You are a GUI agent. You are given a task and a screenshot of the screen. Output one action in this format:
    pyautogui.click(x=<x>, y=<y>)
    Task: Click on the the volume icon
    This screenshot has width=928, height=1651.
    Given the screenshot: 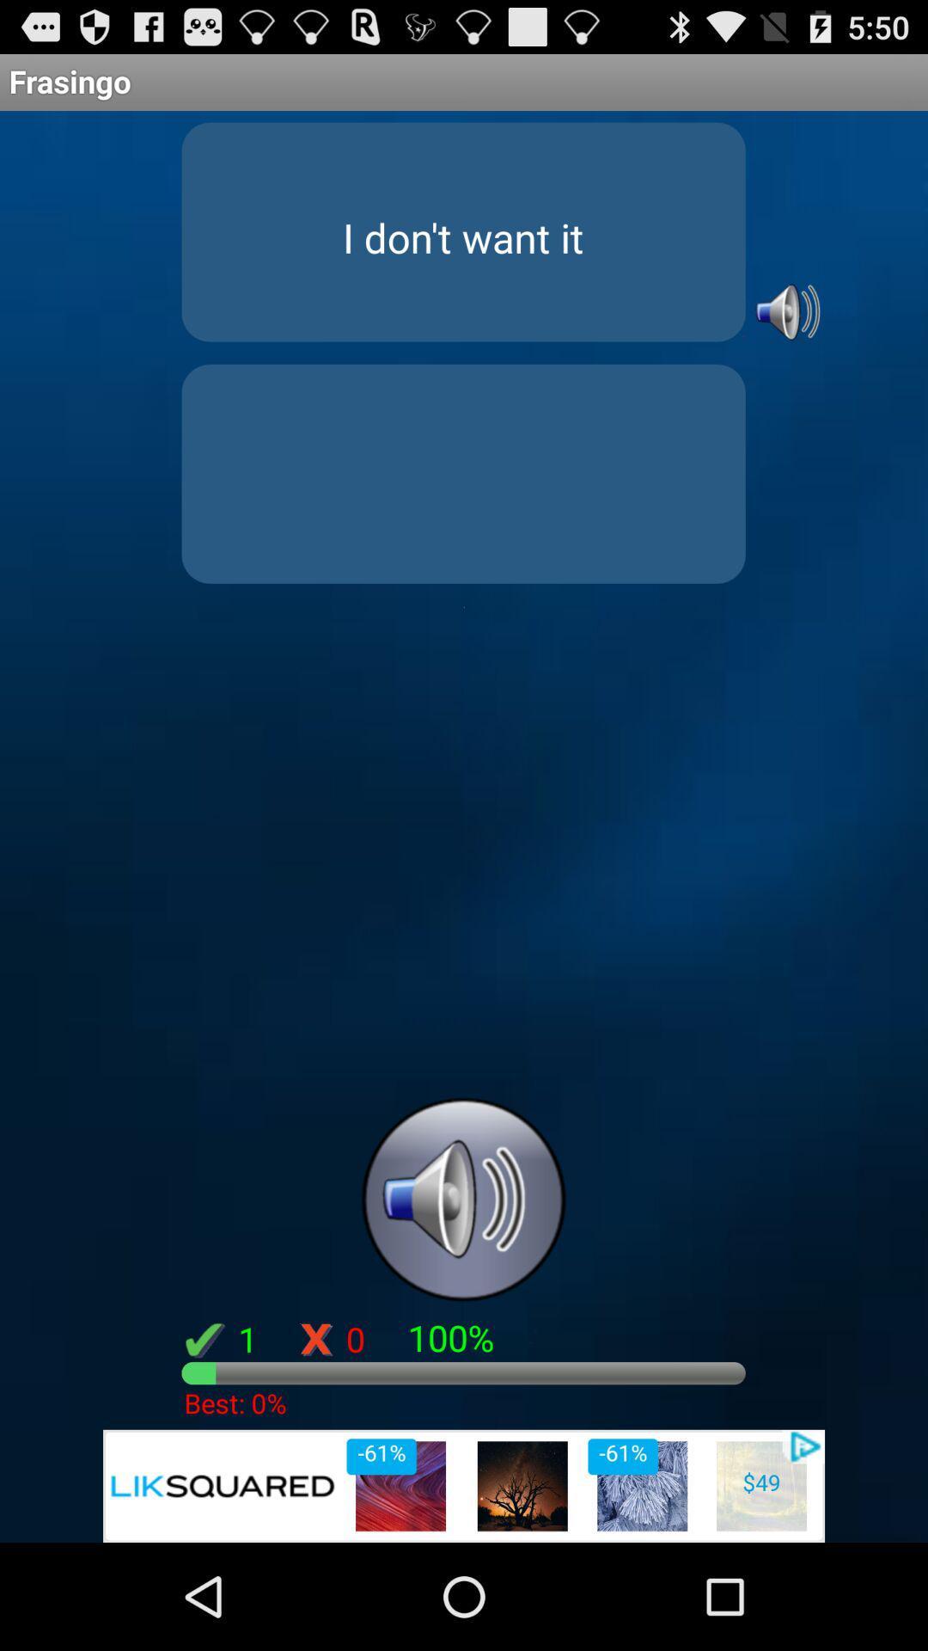 What is the action you would take?
    pyautogui.click(x=785, y=334)
    